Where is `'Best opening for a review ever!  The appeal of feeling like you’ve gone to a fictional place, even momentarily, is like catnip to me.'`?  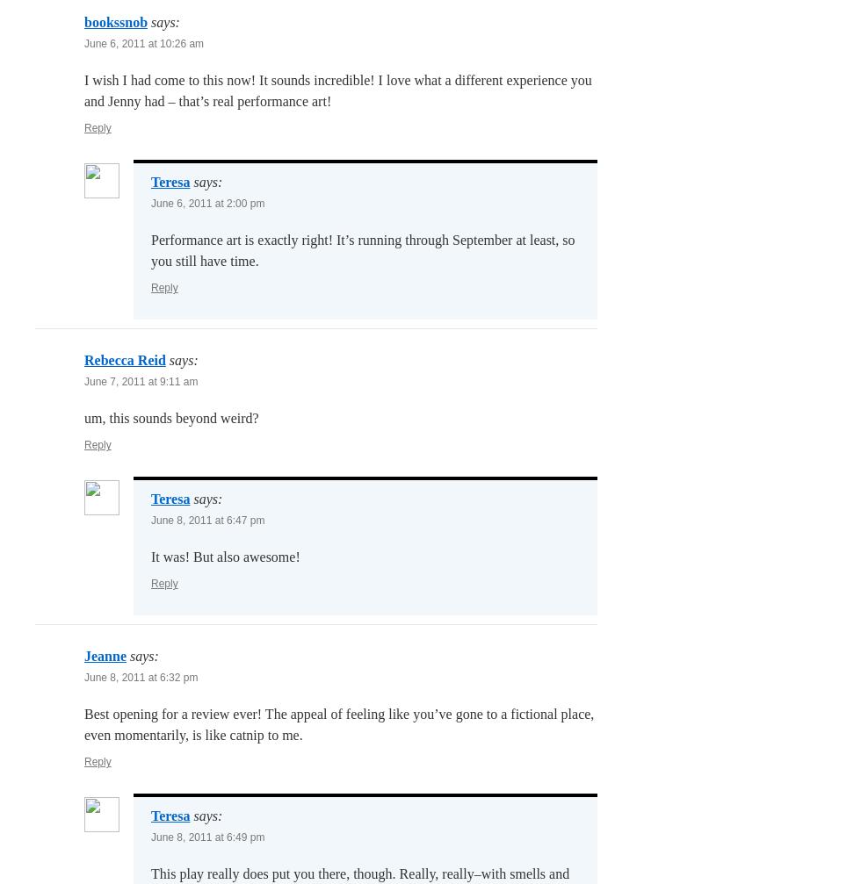 'Best opening for a review ever!  The appeal of feeling like you’ve gone to a fictional place, even momentarily, is like catnip to me.' is located at coordinates (339, 723).